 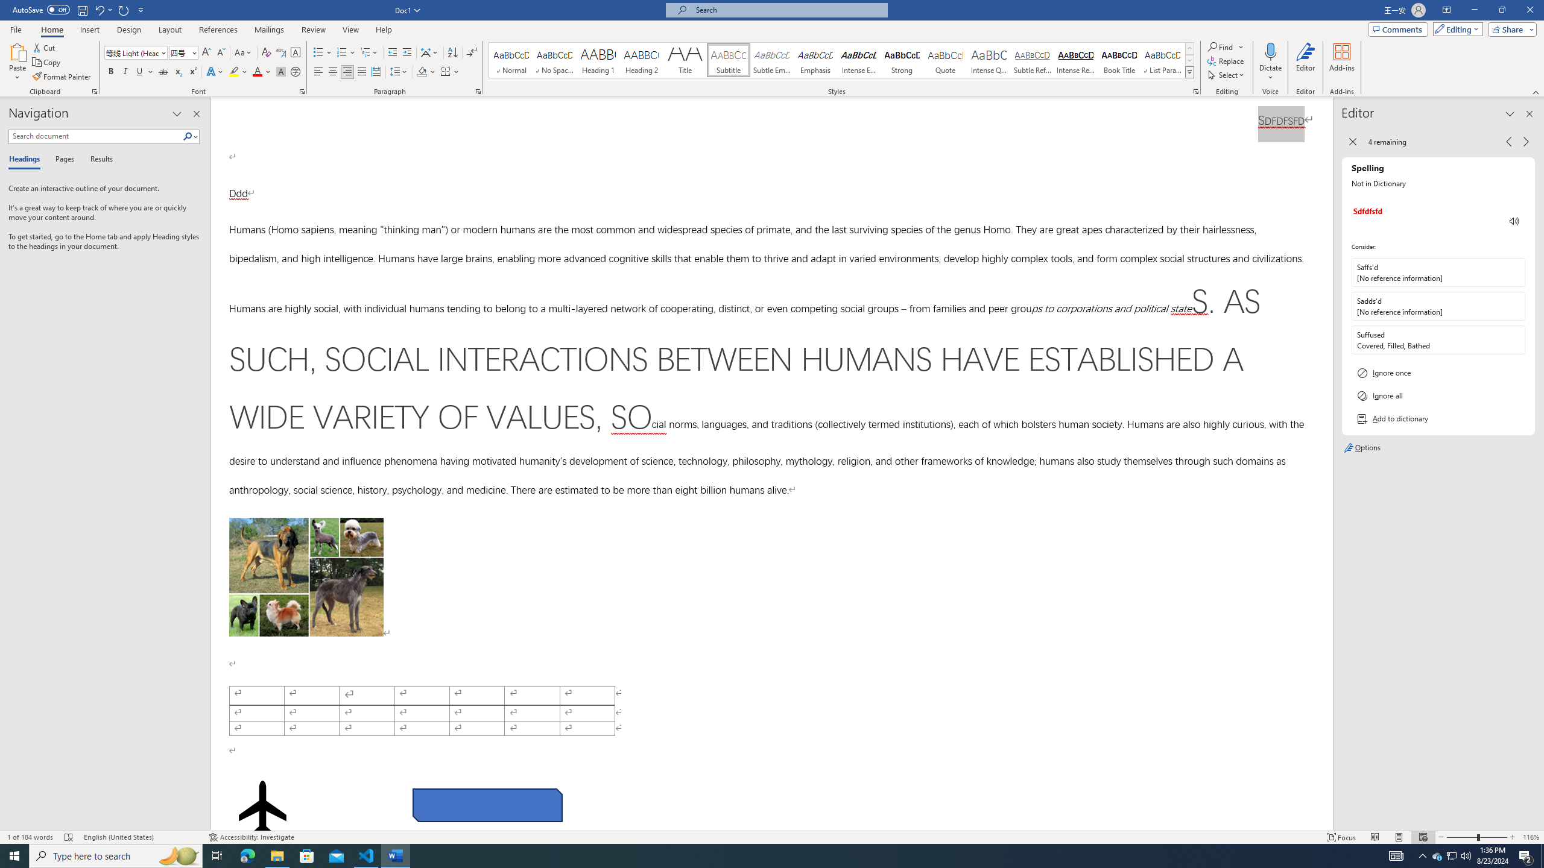 What do you see at coordinates (62, 77) in the screenshot?
I see `'Format Painter'` at bounding box center [62, 77].